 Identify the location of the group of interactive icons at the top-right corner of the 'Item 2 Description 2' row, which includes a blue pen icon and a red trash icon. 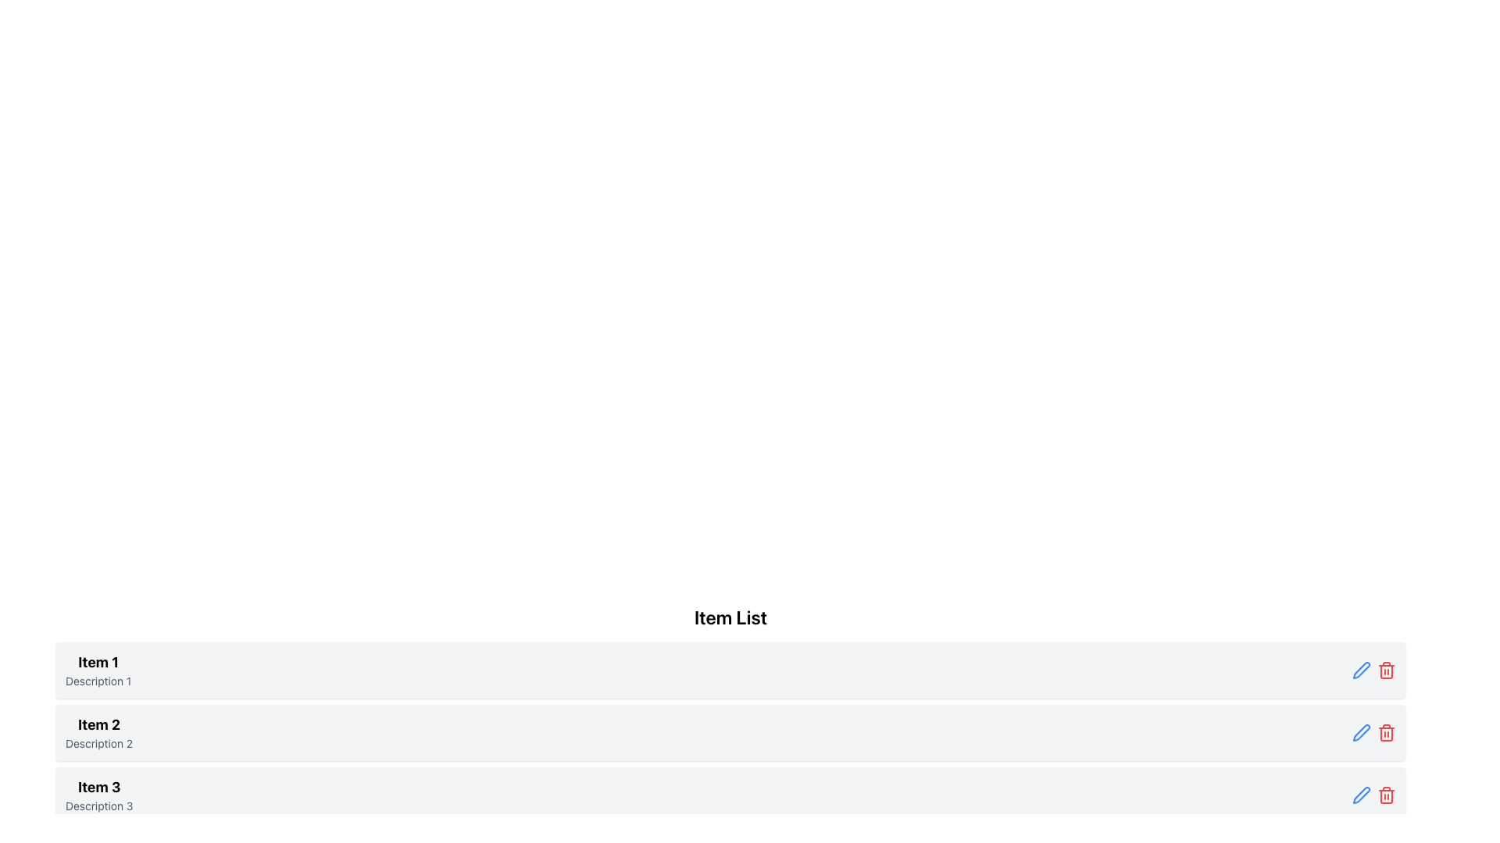
(1373, 732).